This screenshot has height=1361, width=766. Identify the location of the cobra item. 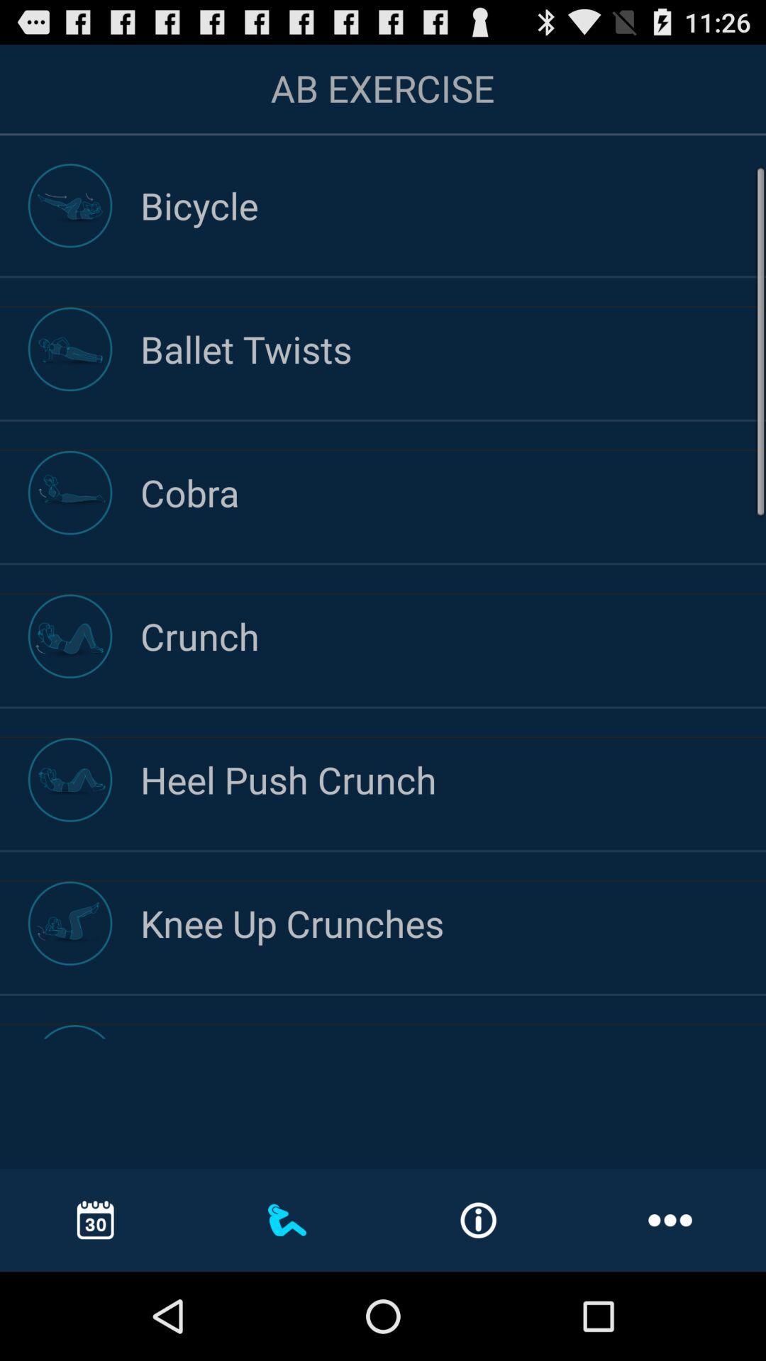
(453, 492).